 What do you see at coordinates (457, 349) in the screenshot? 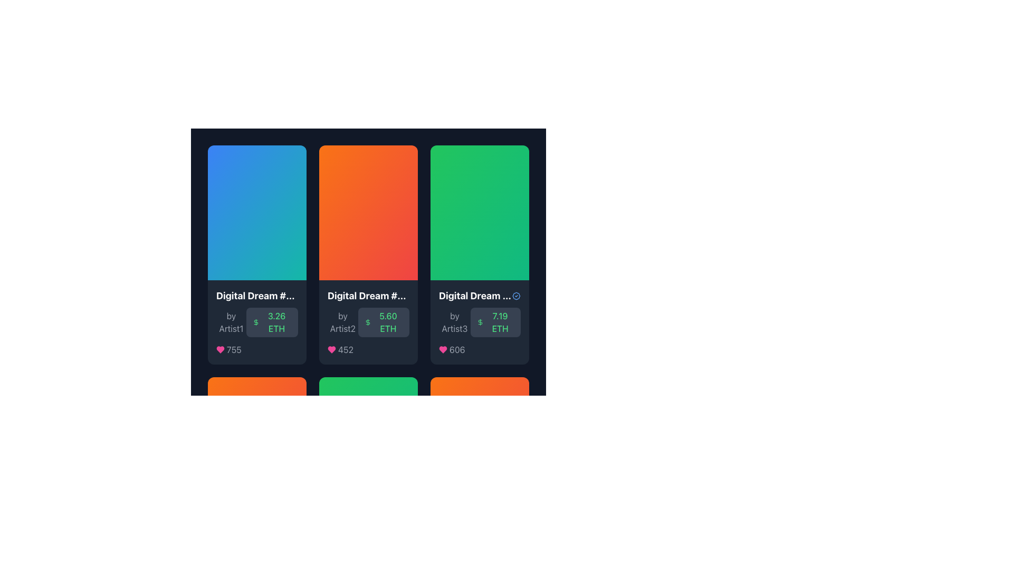
I see `the likes count displayed in the text label located to the right of the heart icon in the lower-right portion of the third card from the left` at bounding box center [457, 349].